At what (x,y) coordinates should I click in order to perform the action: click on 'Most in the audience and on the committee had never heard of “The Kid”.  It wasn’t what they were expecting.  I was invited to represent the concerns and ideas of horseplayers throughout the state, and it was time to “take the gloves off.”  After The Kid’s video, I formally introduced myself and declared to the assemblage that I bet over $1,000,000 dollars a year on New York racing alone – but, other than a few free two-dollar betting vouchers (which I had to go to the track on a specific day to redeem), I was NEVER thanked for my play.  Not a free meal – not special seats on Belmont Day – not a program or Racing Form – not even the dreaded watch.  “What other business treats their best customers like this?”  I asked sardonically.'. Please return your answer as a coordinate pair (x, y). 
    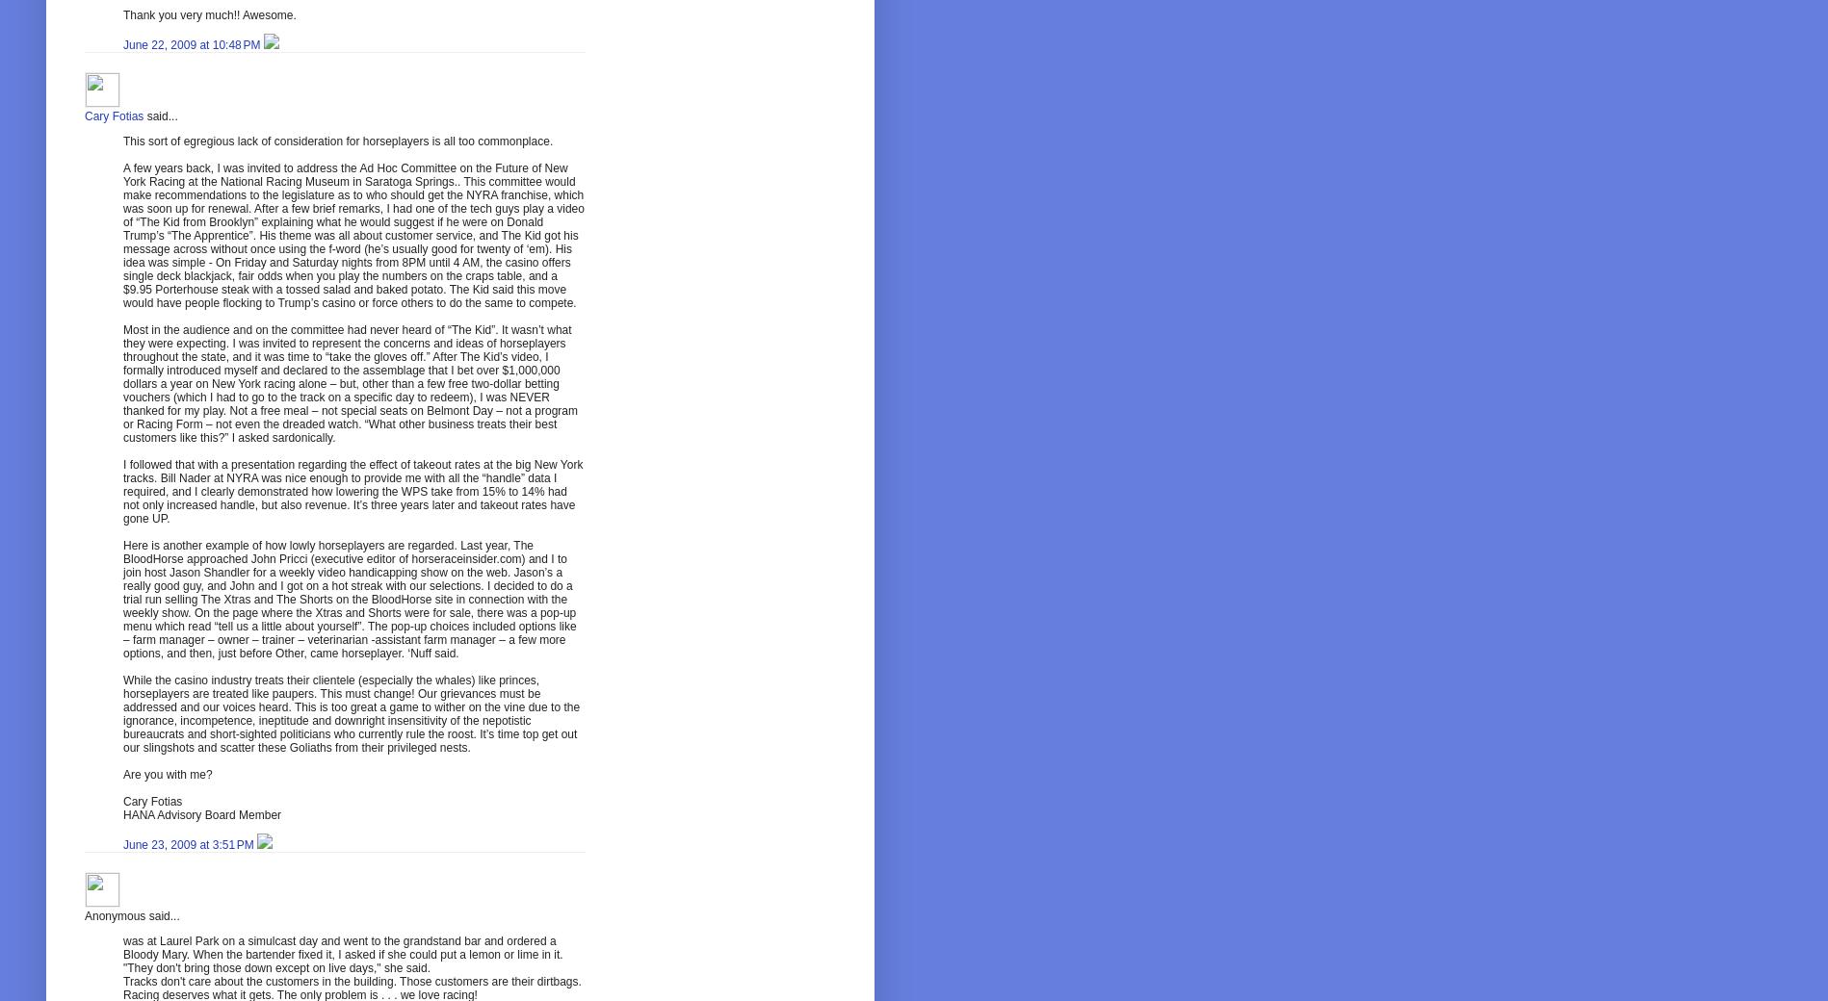
    Looking at the image, I should click on (351, 383).